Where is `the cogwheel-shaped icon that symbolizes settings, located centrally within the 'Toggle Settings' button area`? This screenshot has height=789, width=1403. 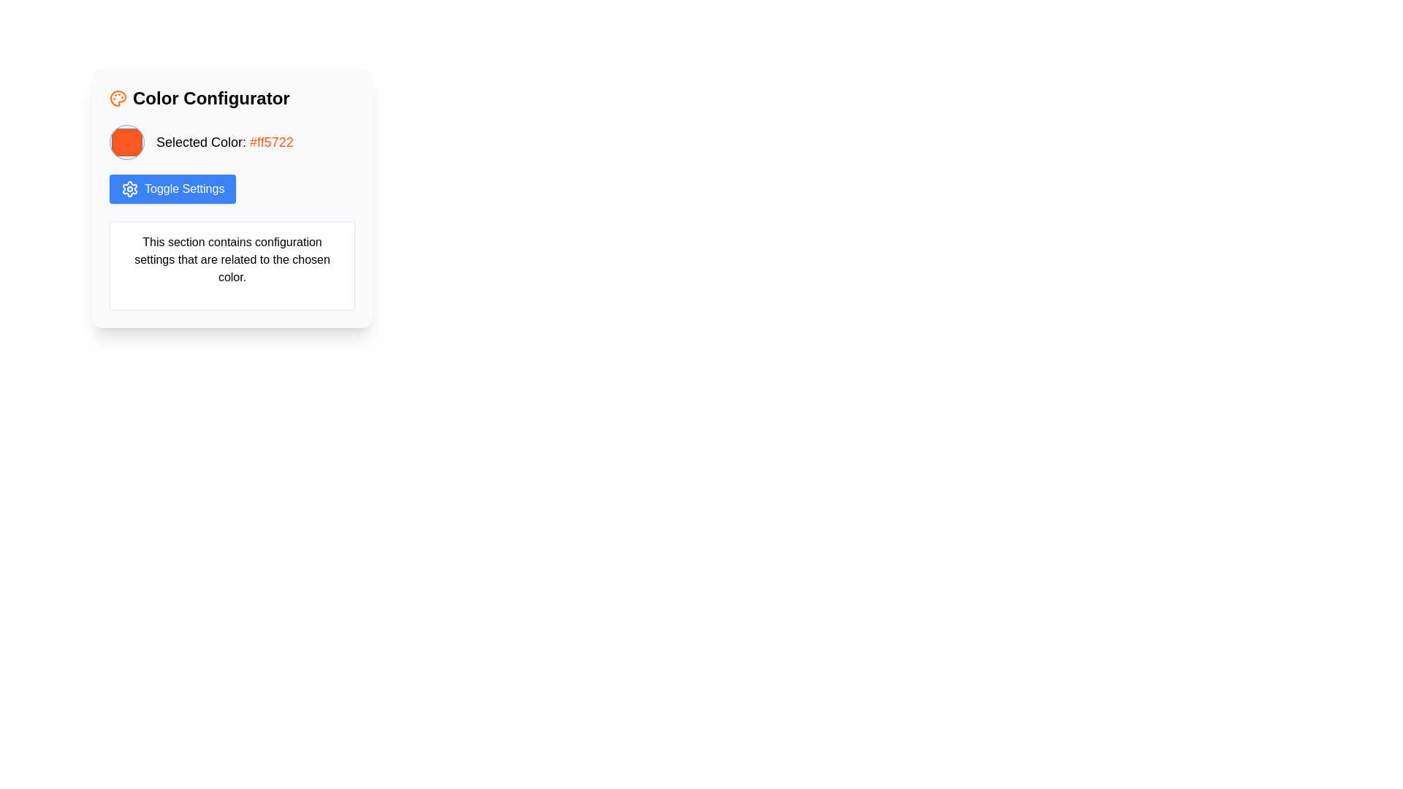 the cogwheel-shaped icon that symbolizes settings, located centrally within the 'Toggle Settings' button area is located at coordinates (129, 188).